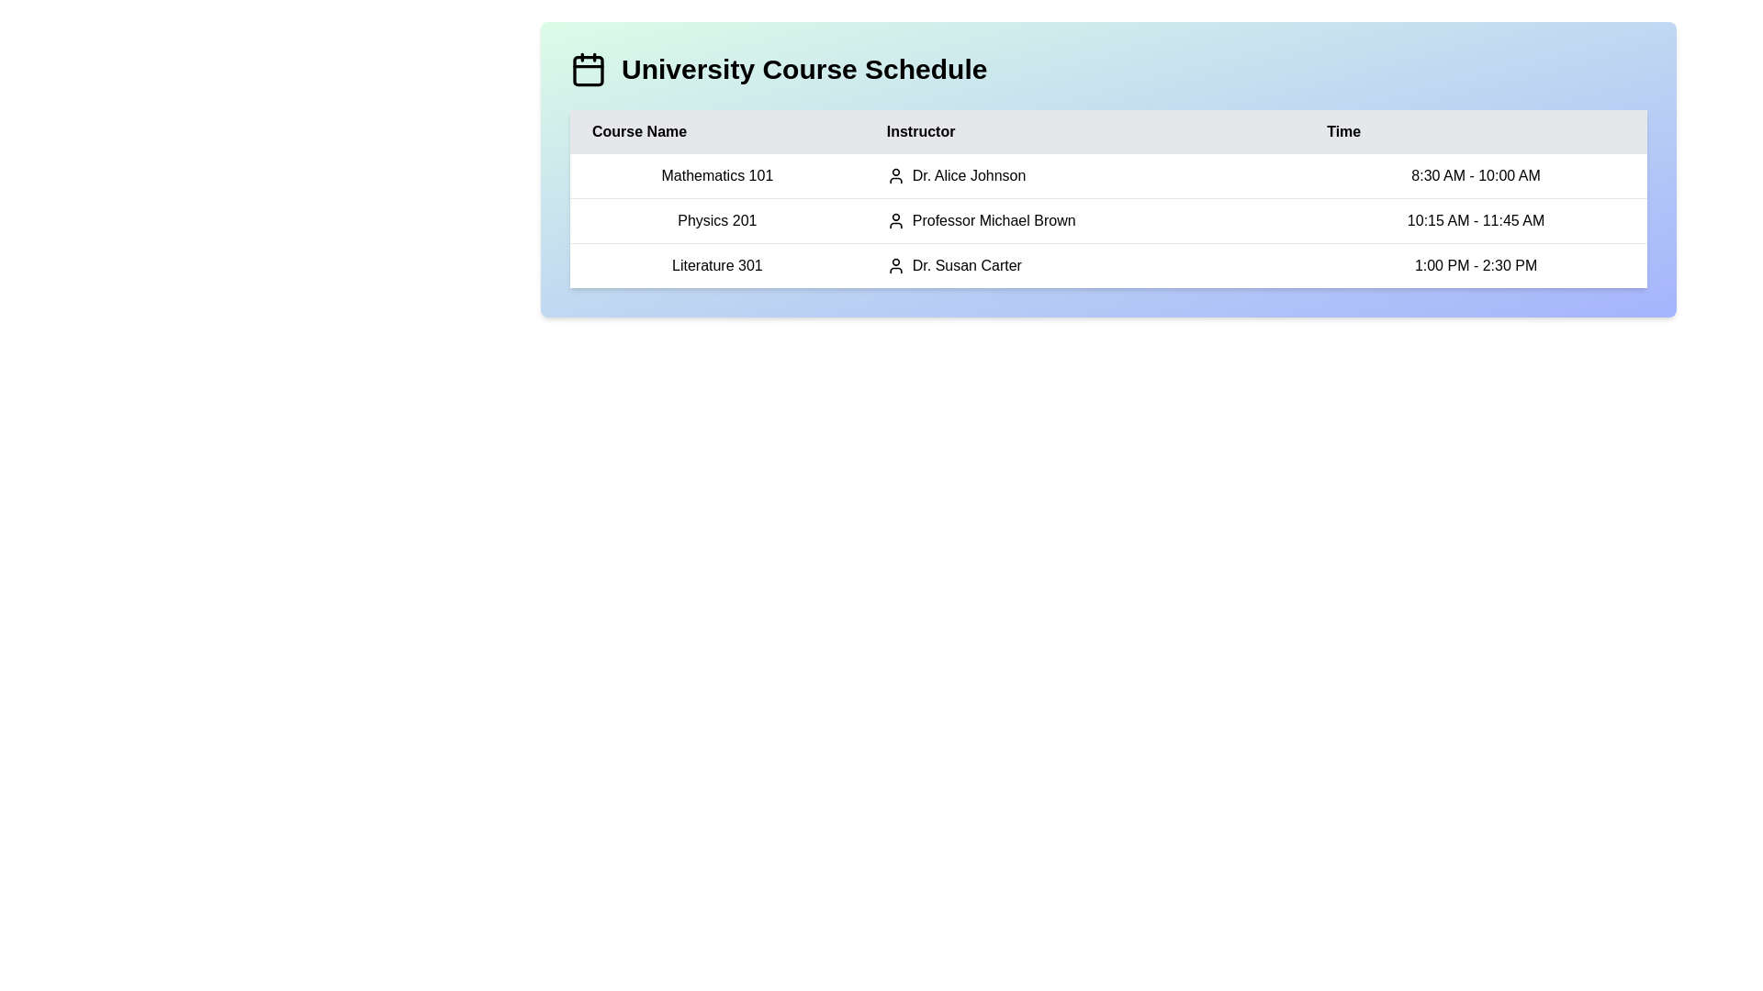 The height and width of the screenshot is (991, 1763). Describe the element at coordinates (895, 176) in the screenshot. I see `the user icon styled as an outline of a person's head and shoulders located in the 'Instructor' column next to the text 'Dr. Alice Johnson'` at that location.